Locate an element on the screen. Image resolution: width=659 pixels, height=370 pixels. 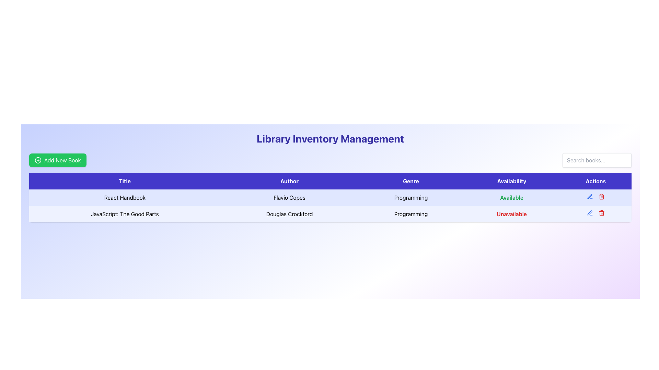
the static text label reading 'Genre', which is the third column header in the table, styled with a bold white font on a purple background is located at coordinates (411, 181).